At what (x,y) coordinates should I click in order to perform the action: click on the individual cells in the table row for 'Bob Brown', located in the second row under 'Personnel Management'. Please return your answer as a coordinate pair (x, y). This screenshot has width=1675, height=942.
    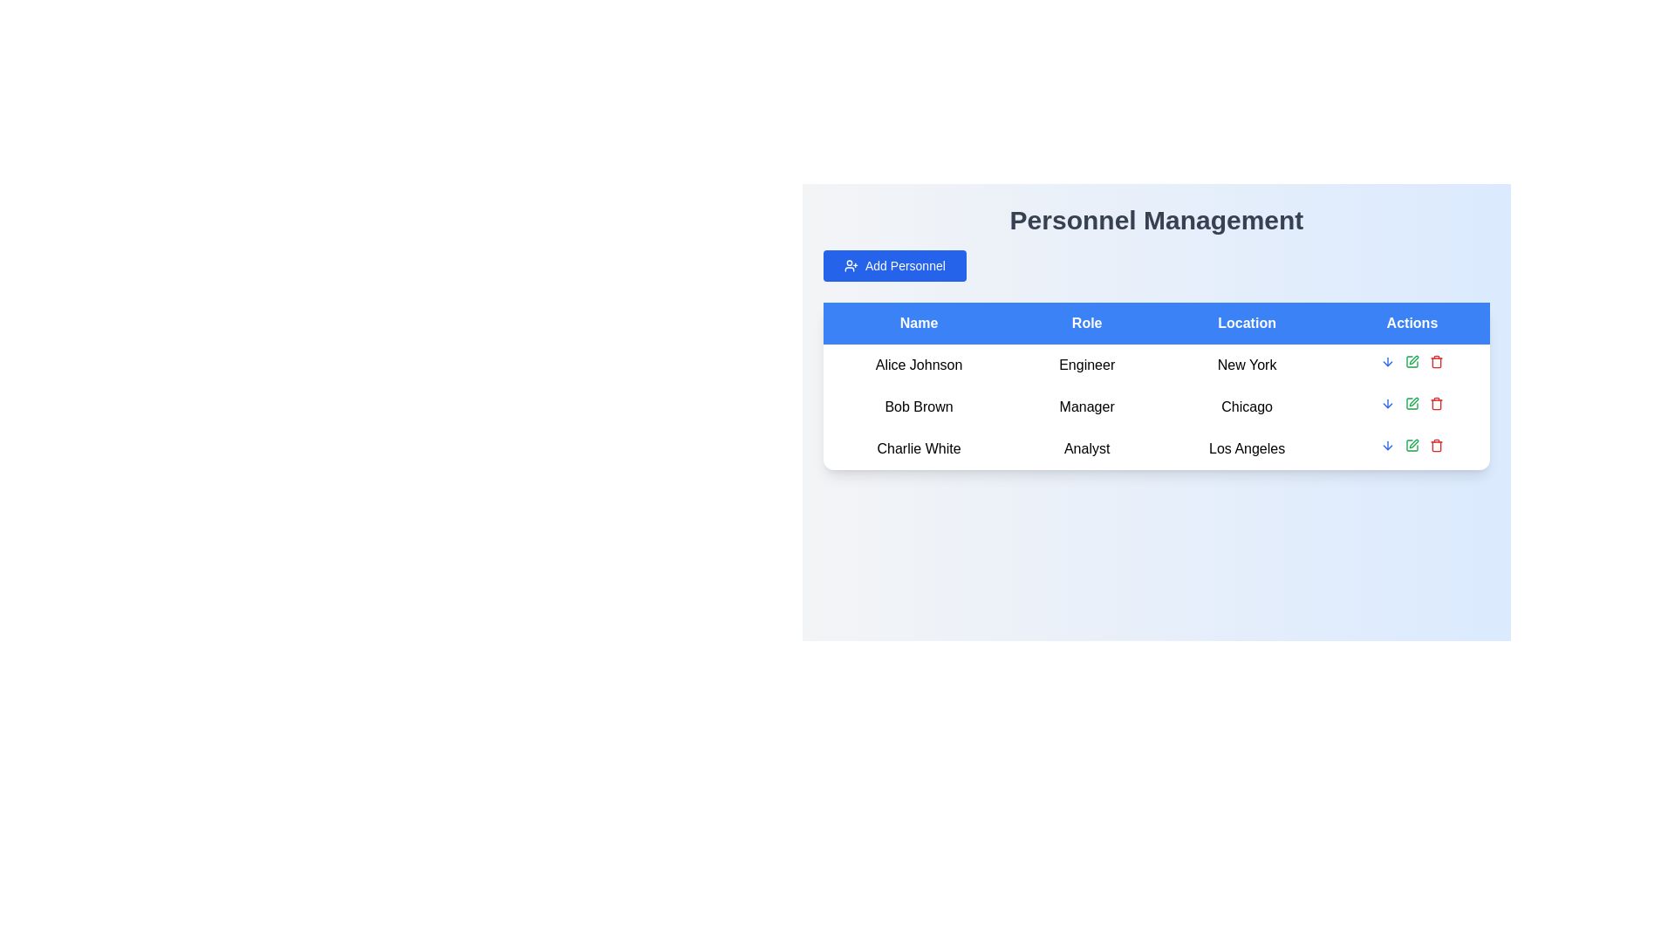
    Looking at the image, I should click on (1156, 406).